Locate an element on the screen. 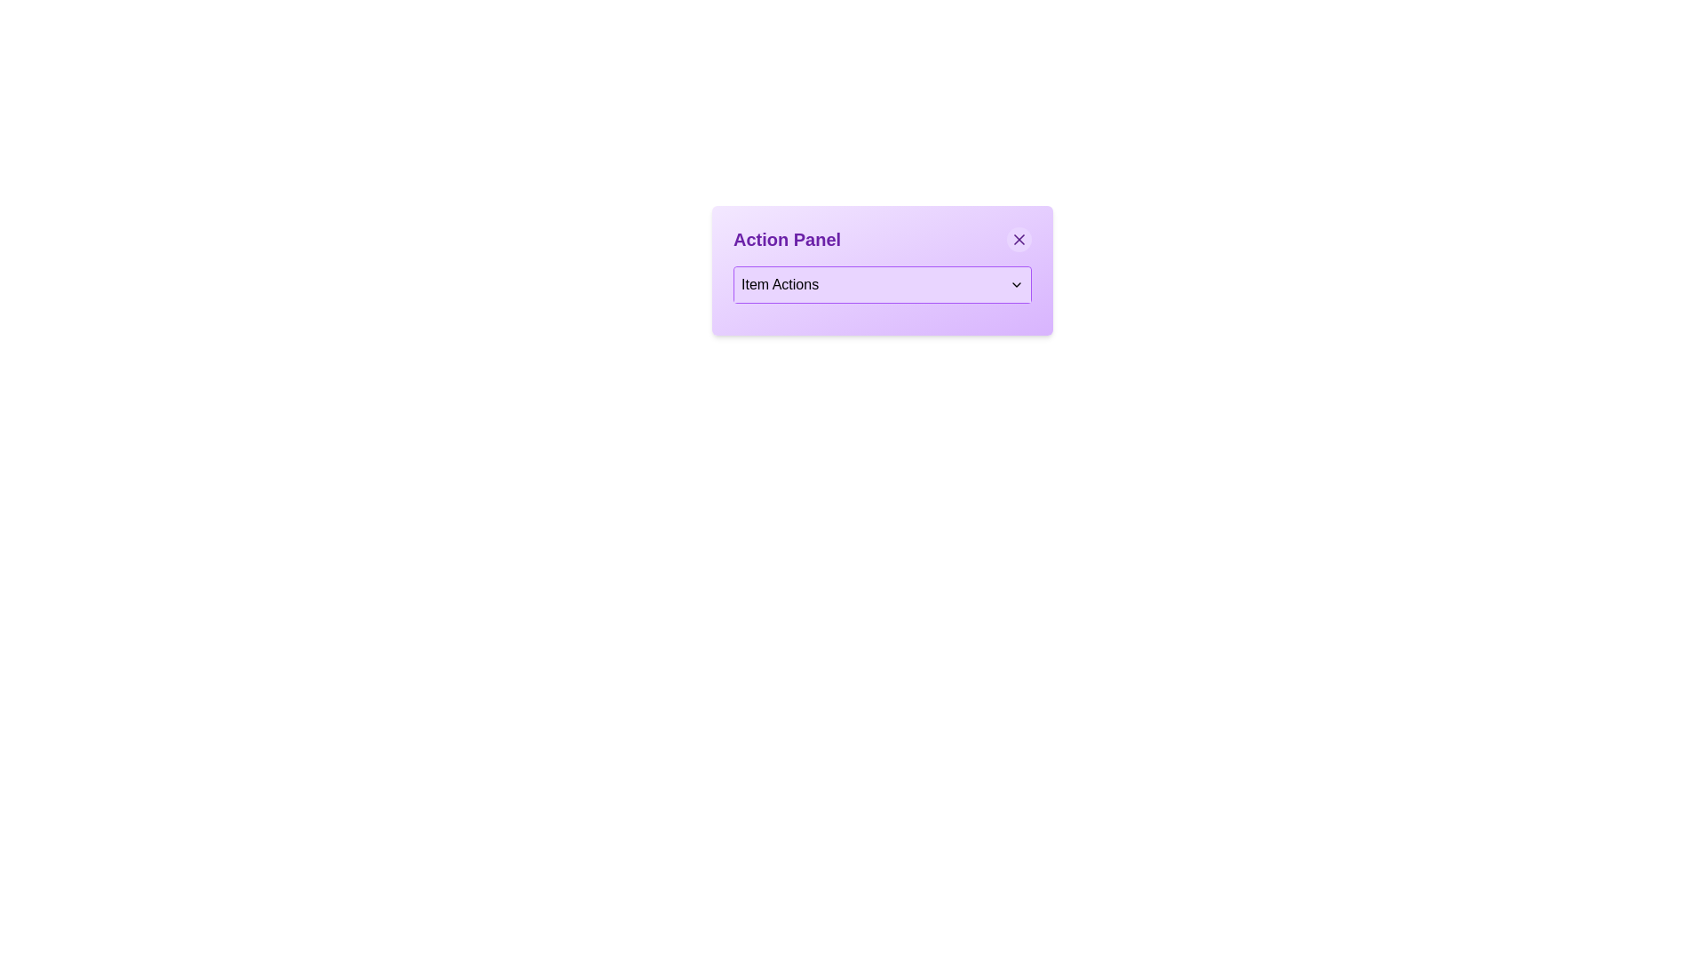 This screenshot has height=959, width=1705. the close button icon located at the top-right corner of the 'Action Panel' is located at coordinates (1019, 240).